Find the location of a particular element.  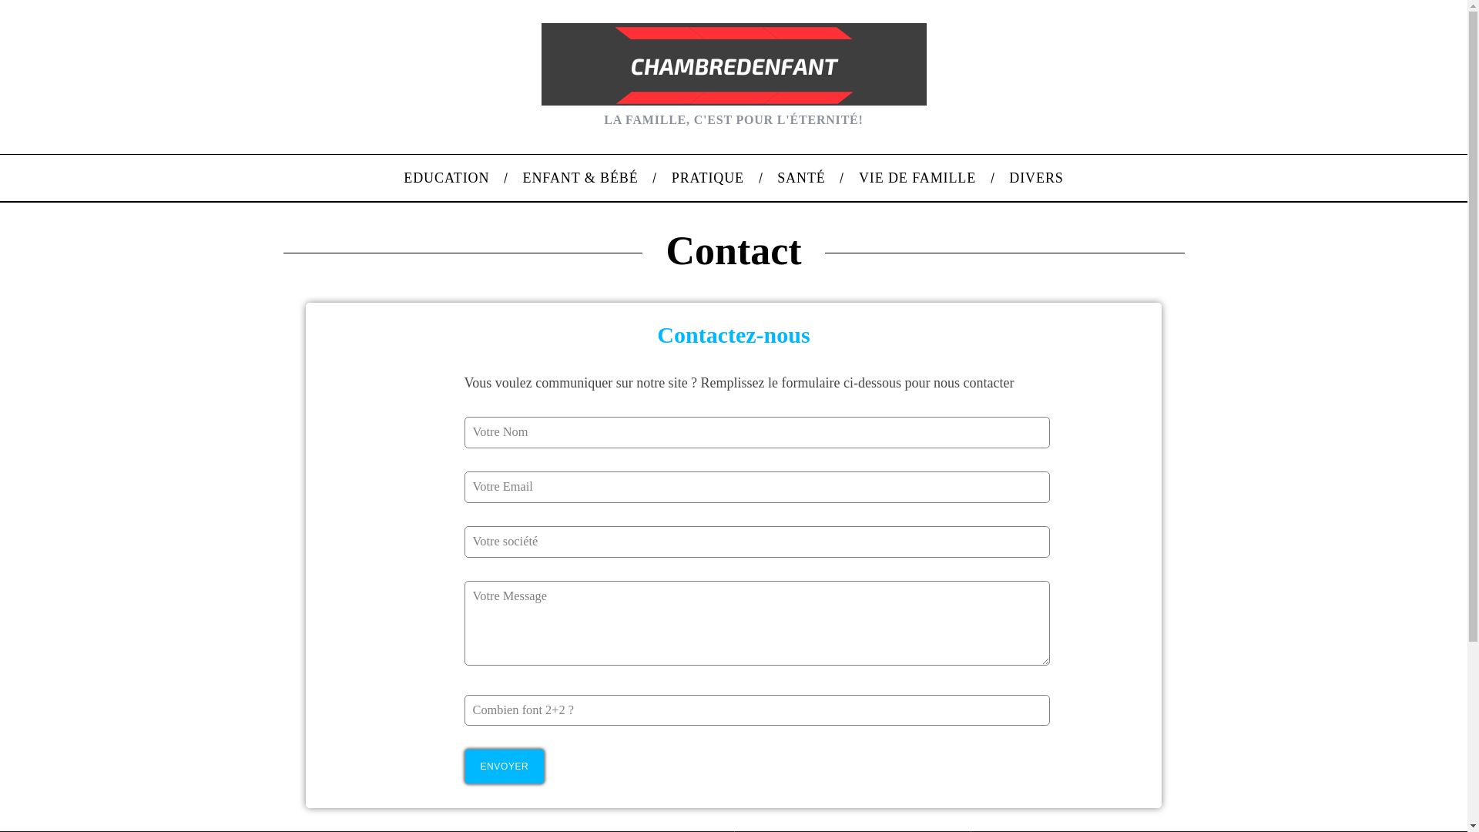

'EDUCATION' is located at coordinates (446, 177).